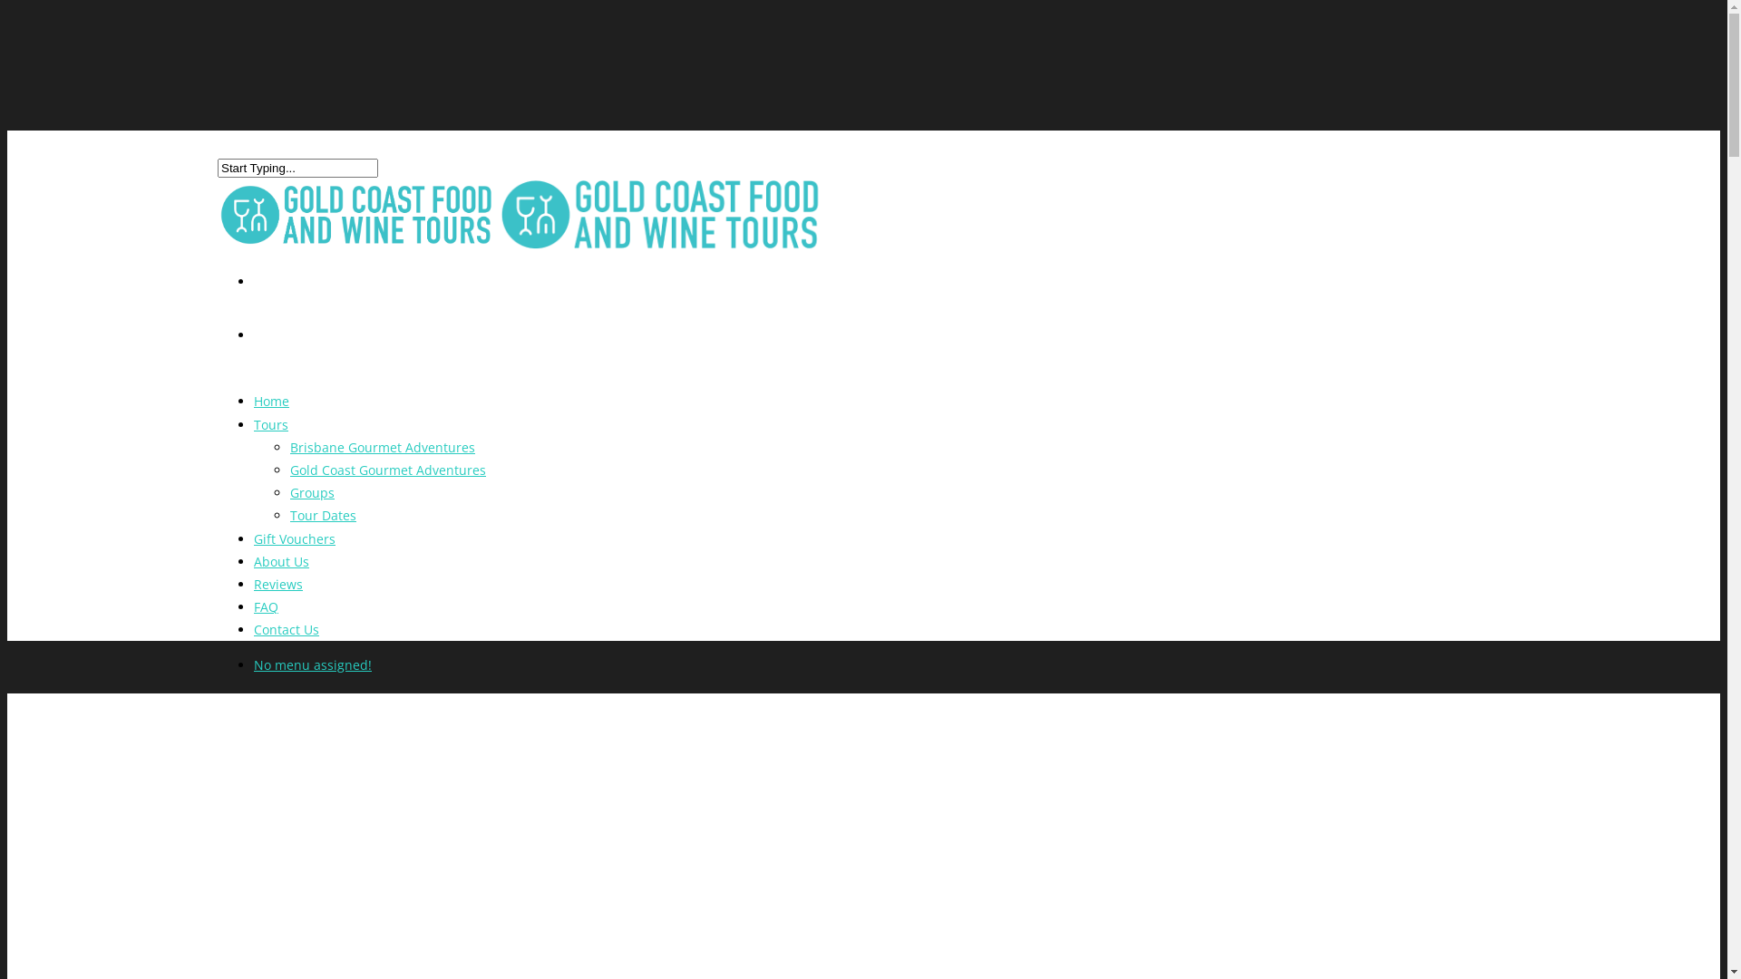  Describe the element at coordinates (382, 447) in the screenshot. I see `'Brisbane Gourmet Adventures'` at that location.